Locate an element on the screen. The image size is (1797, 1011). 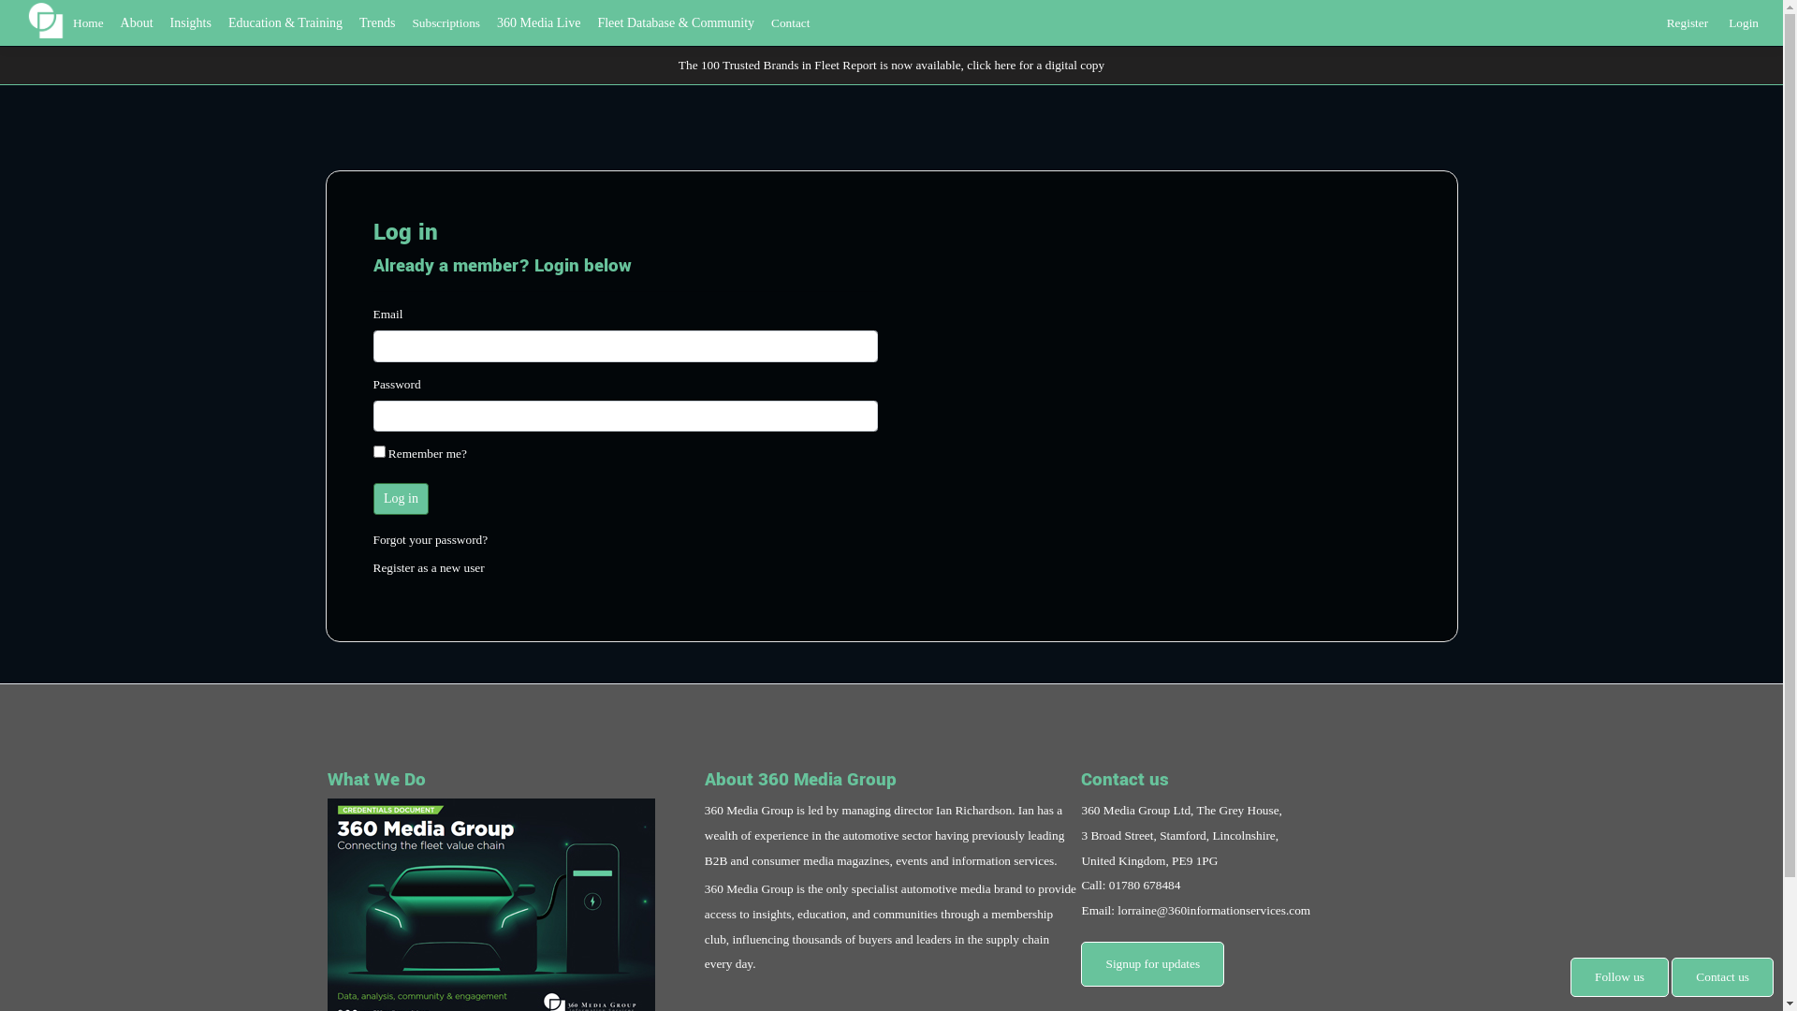
'Log in' is located at coordinates (373, 497).